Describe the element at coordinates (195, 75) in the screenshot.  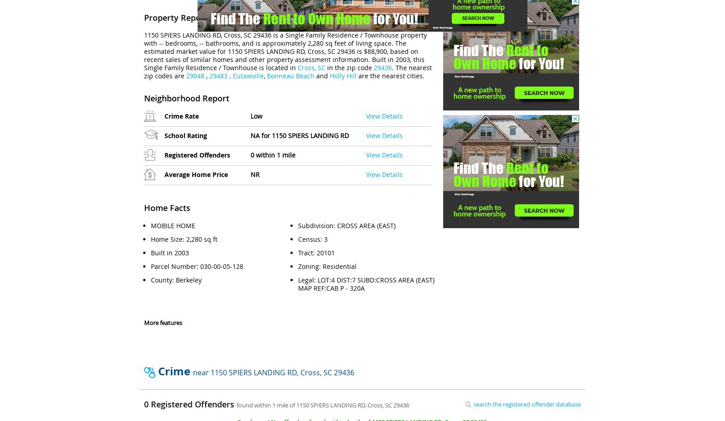
I see `'29048'` at that location.